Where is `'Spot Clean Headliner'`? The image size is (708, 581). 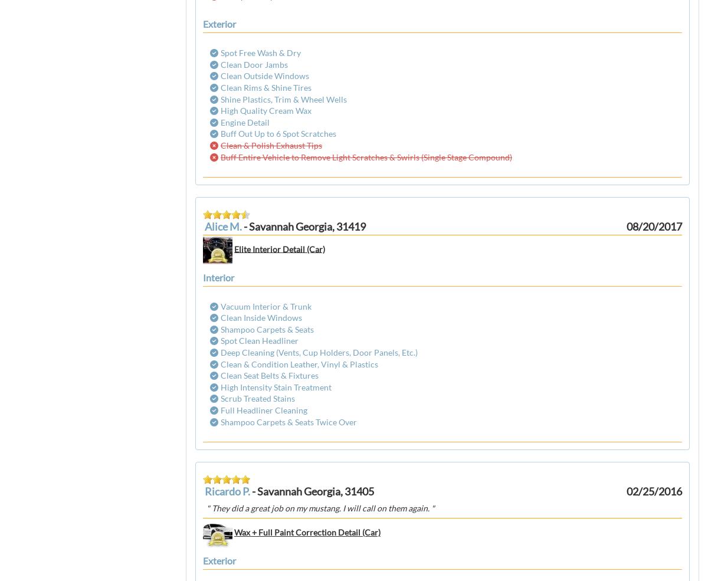
'Spot Clean Headliner' is located at coordinates (260, 340).